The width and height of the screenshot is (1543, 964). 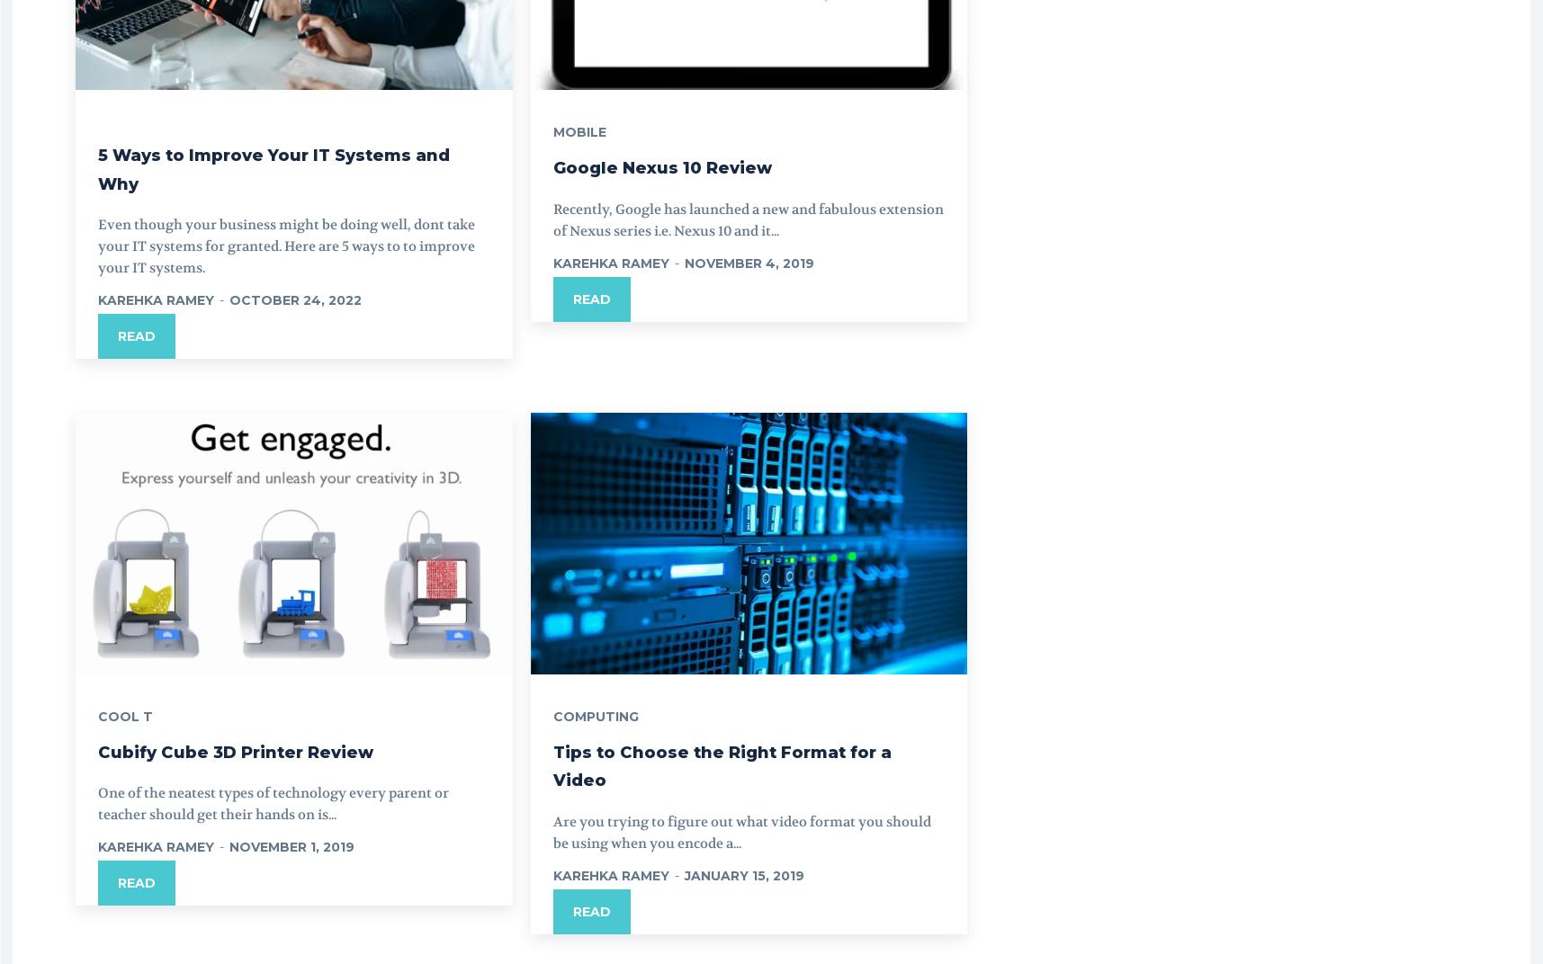 I want to click on 'Google Nexus 10 Review', so click(x=551, y=165).